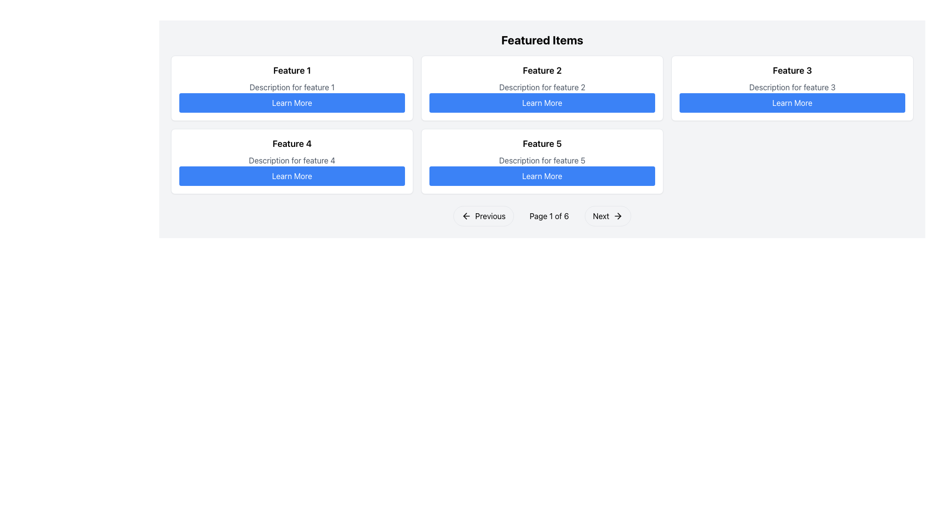 The image size is (938, 527). What do you see at coordinates (792, 70) in the screenshot?
I see `the primary title text label located at the top of the rightmost card in the grid layout, positioned above the 'Description for feature 3' text and the 'Learn More' button` at bounding box center [792, 70].